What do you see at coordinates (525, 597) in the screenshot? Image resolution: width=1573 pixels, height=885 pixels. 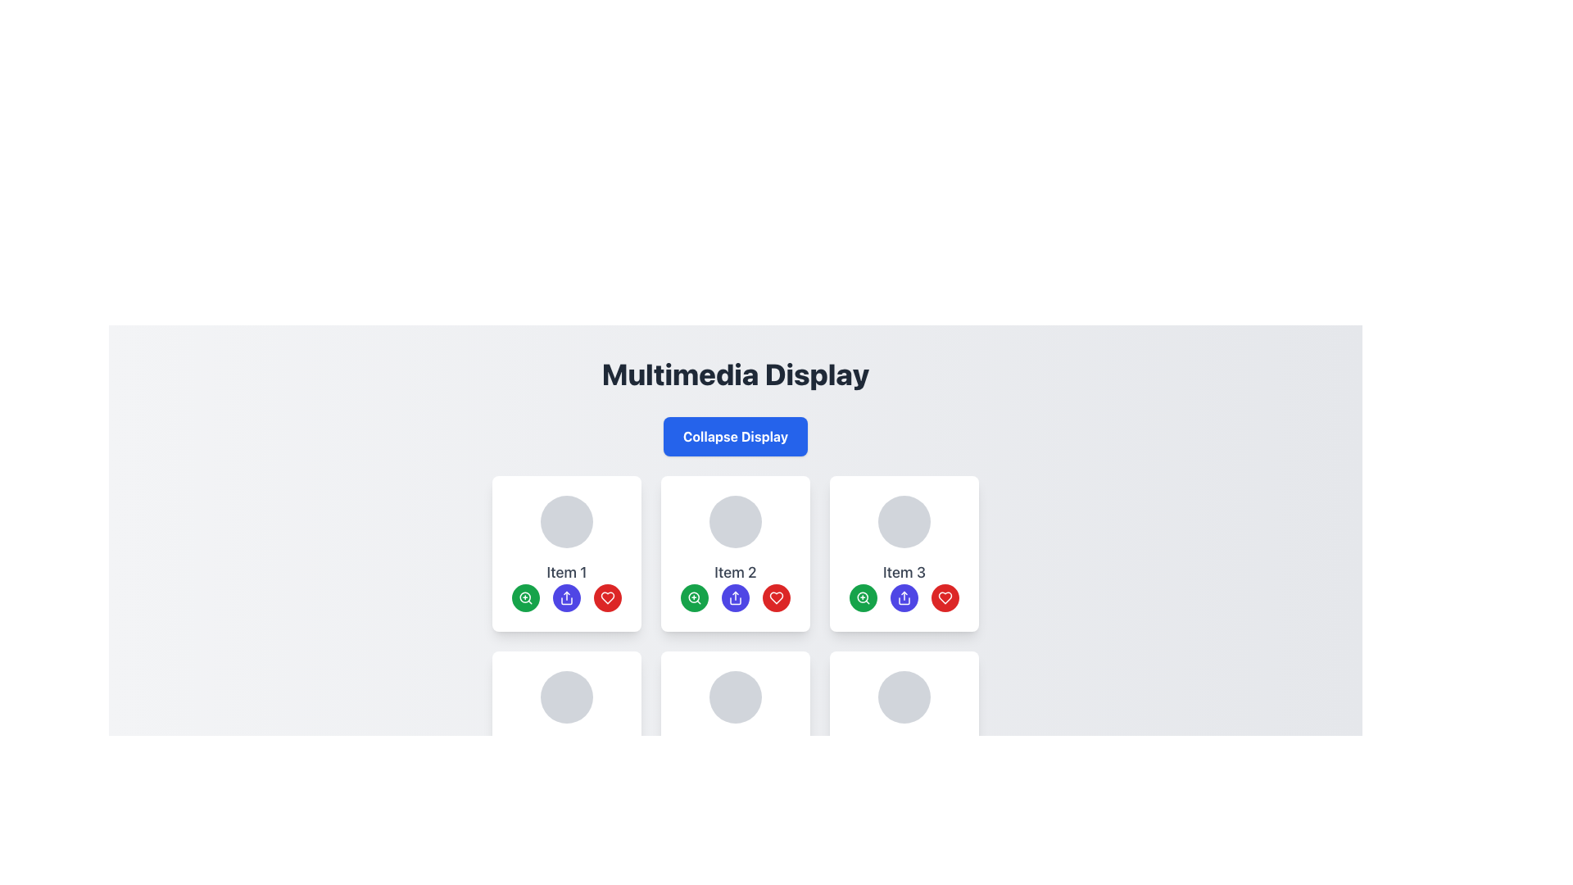 I see `the zoom-in SVG circle icon located at the bottom-left corner of the top-left card (Item 1) in the display grid` at bounding box center [525, 597].